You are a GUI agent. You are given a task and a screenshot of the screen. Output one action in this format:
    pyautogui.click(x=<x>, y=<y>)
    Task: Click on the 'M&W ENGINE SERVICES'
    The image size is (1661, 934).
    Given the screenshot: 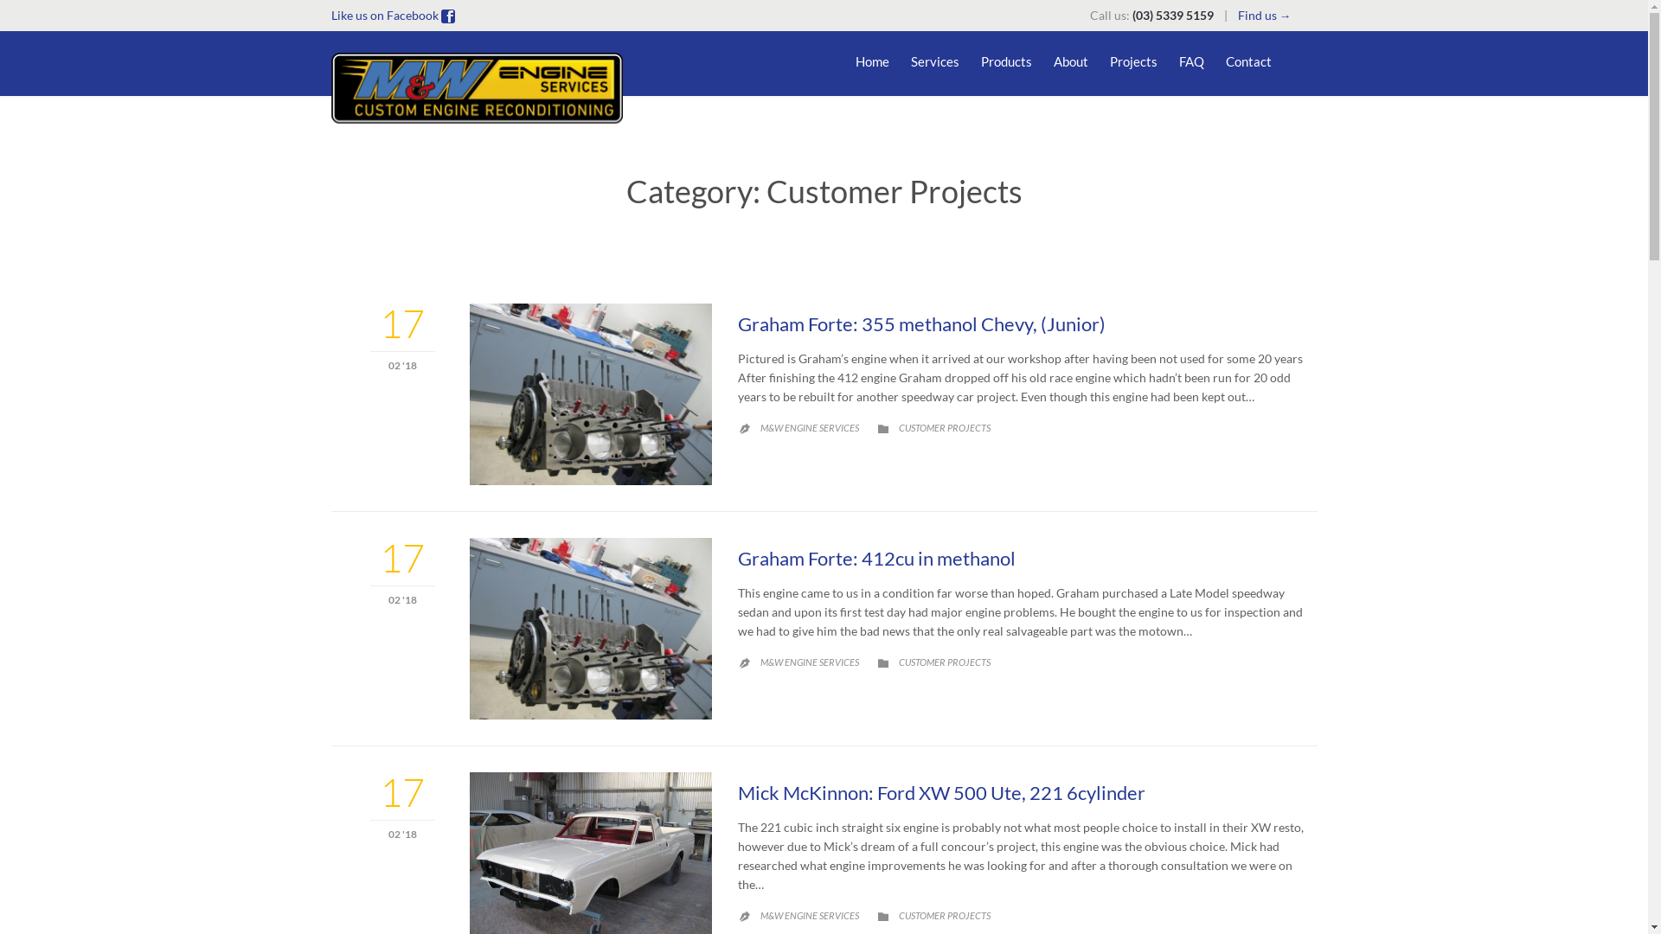 What is the action you would take?
    pyautogui.click(x=808, y=427)
    